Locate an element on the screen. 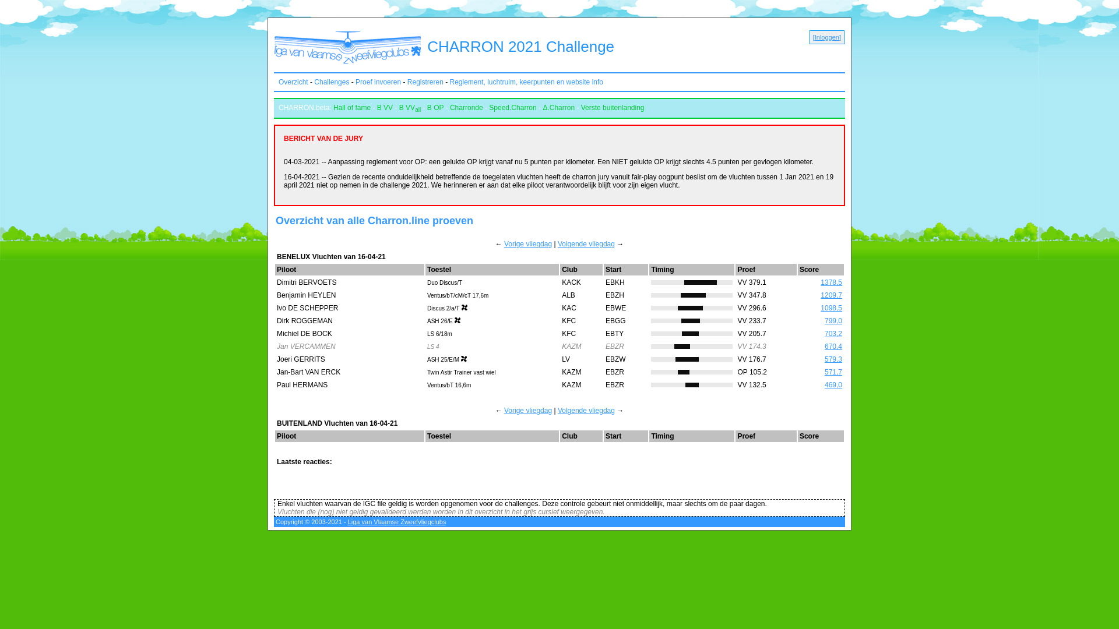 The image size is (1119, 629). 'Reglement, luchtruim, keerpunten en website info' is located at coordinates (449, 82).